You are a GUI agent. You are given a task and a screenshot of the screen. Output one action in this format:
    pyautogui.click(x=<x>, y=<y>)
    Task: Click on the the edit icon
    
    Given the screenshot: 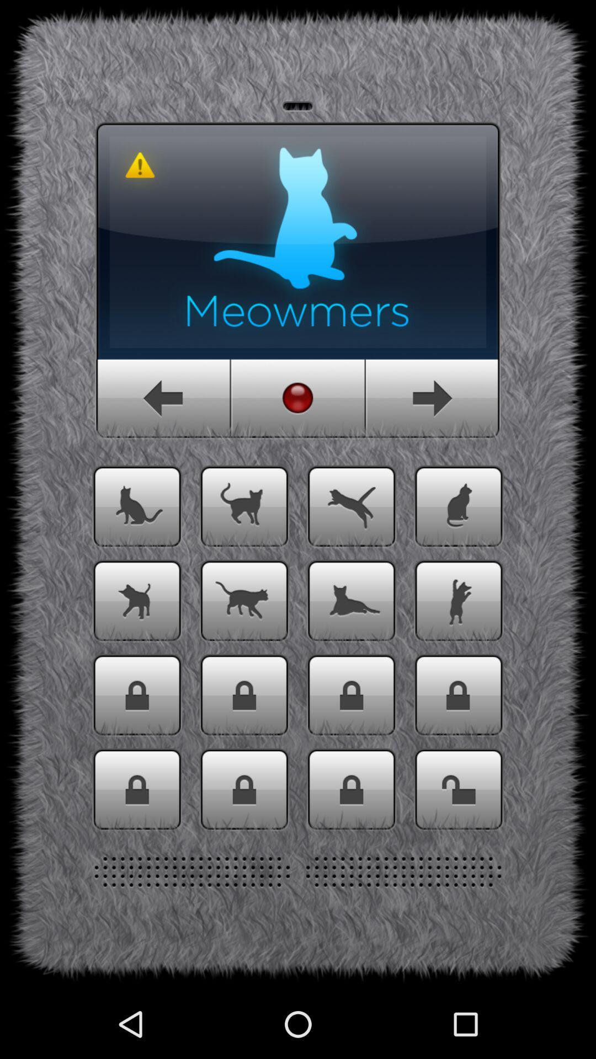 What is the action you would take?
    pyautogui.click(x=459, y=548)
    